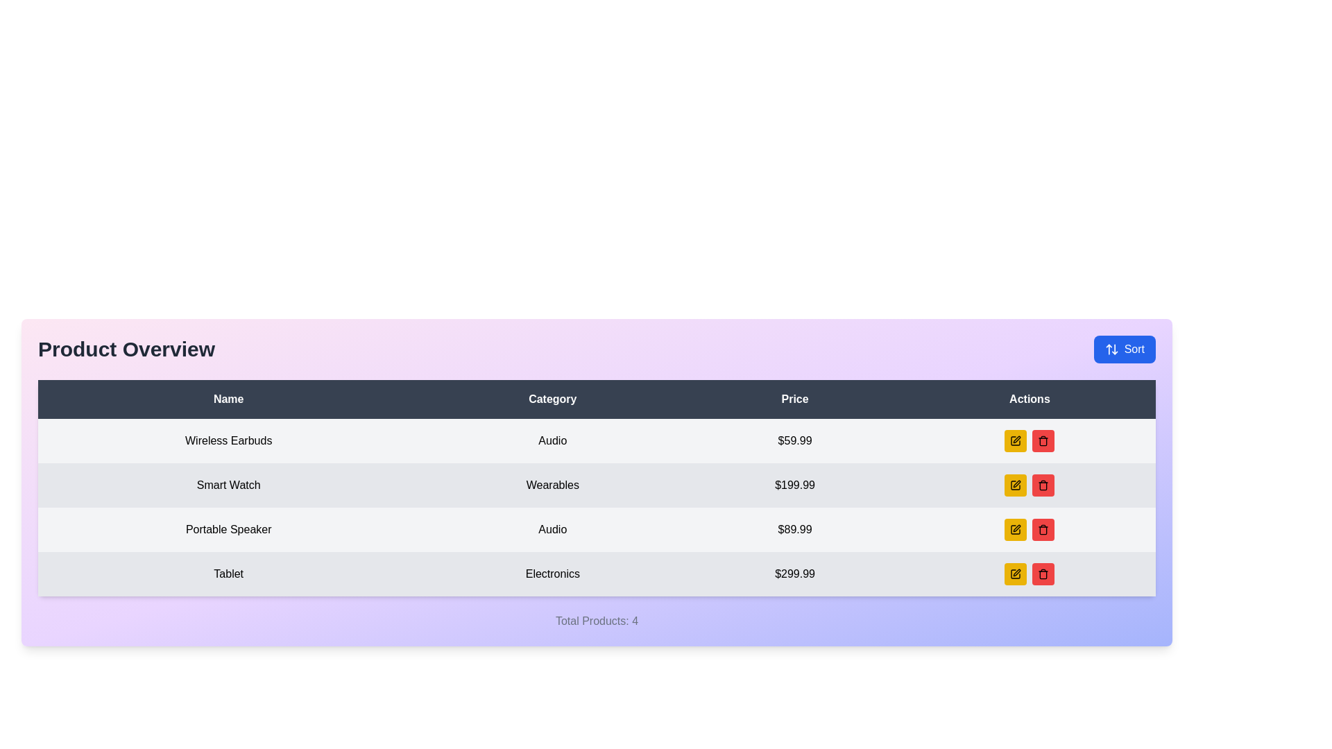  Describe the element at coordinates (1111, 349) in the screenshot. I see `the blue arrow icon representing sorting functionality located to the left of the 'Sort' text in the upper right corner of the interface` at that location.